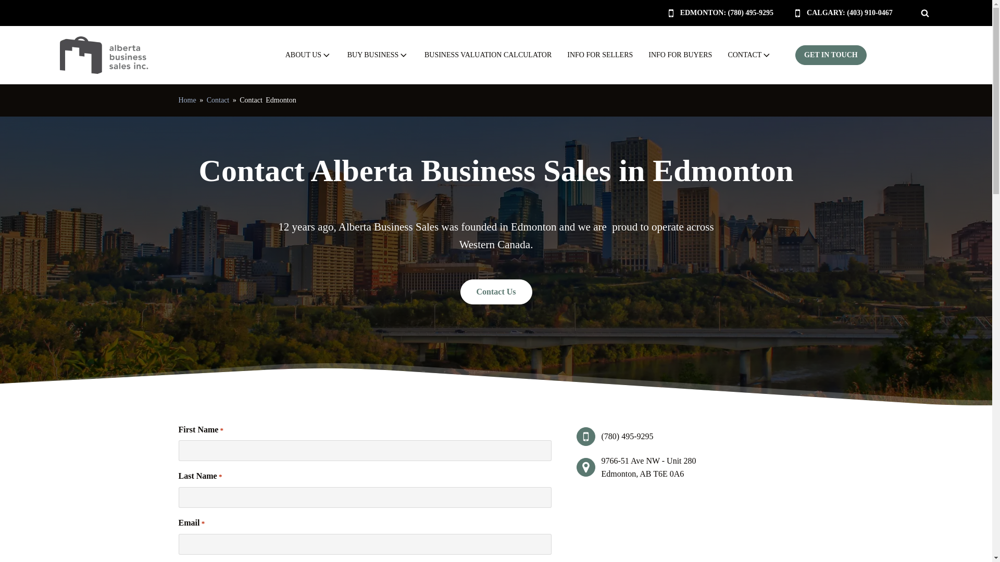 The width and height of the screenshot is (1000, 562). Describe the element at coordinates (487, 55) in the screenshot. I see `'BUSINESS VALUATION CALCULATOR'` at that location.